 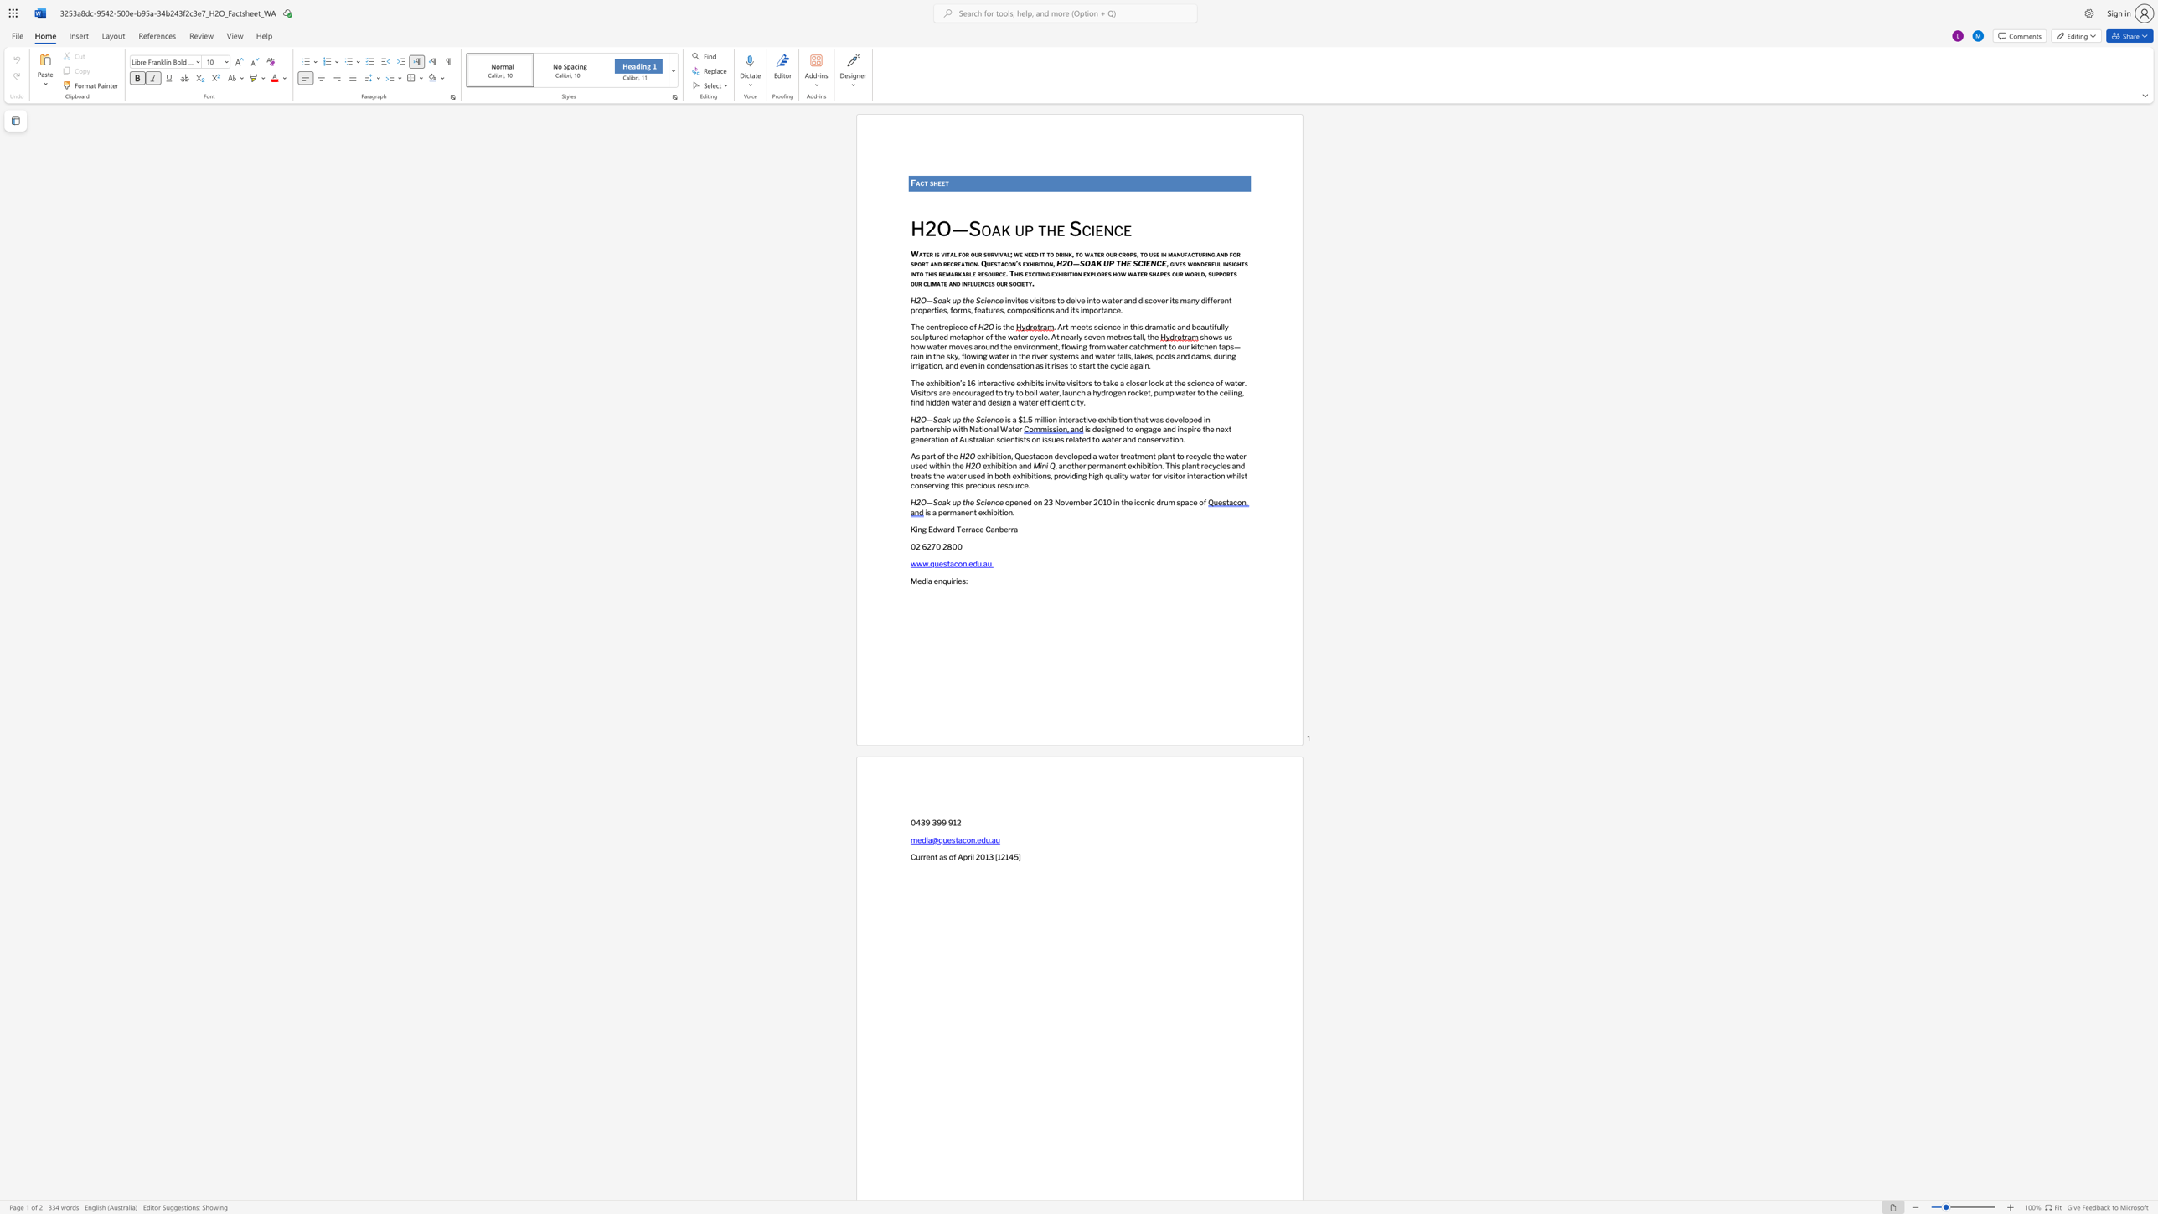 What do you see at coordinates (1096, 228) in the screenshot?
I see `the space between the continuous character "i" and "e" in the text` at bounding box center [1096, 228].